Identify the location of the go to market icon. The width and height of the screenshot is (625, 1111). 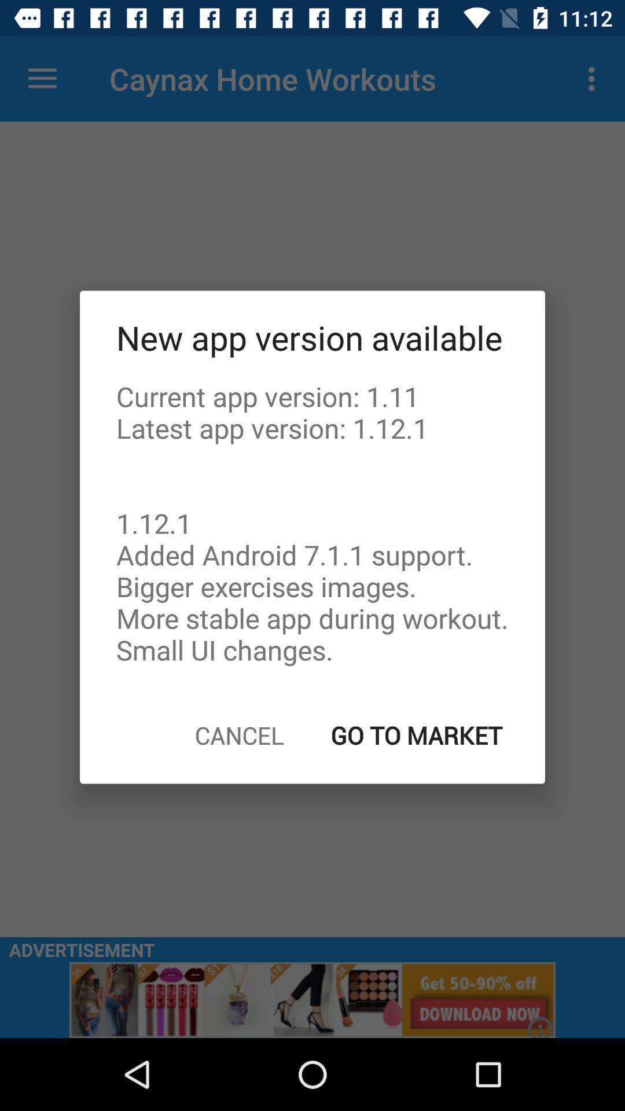
(417, 734).